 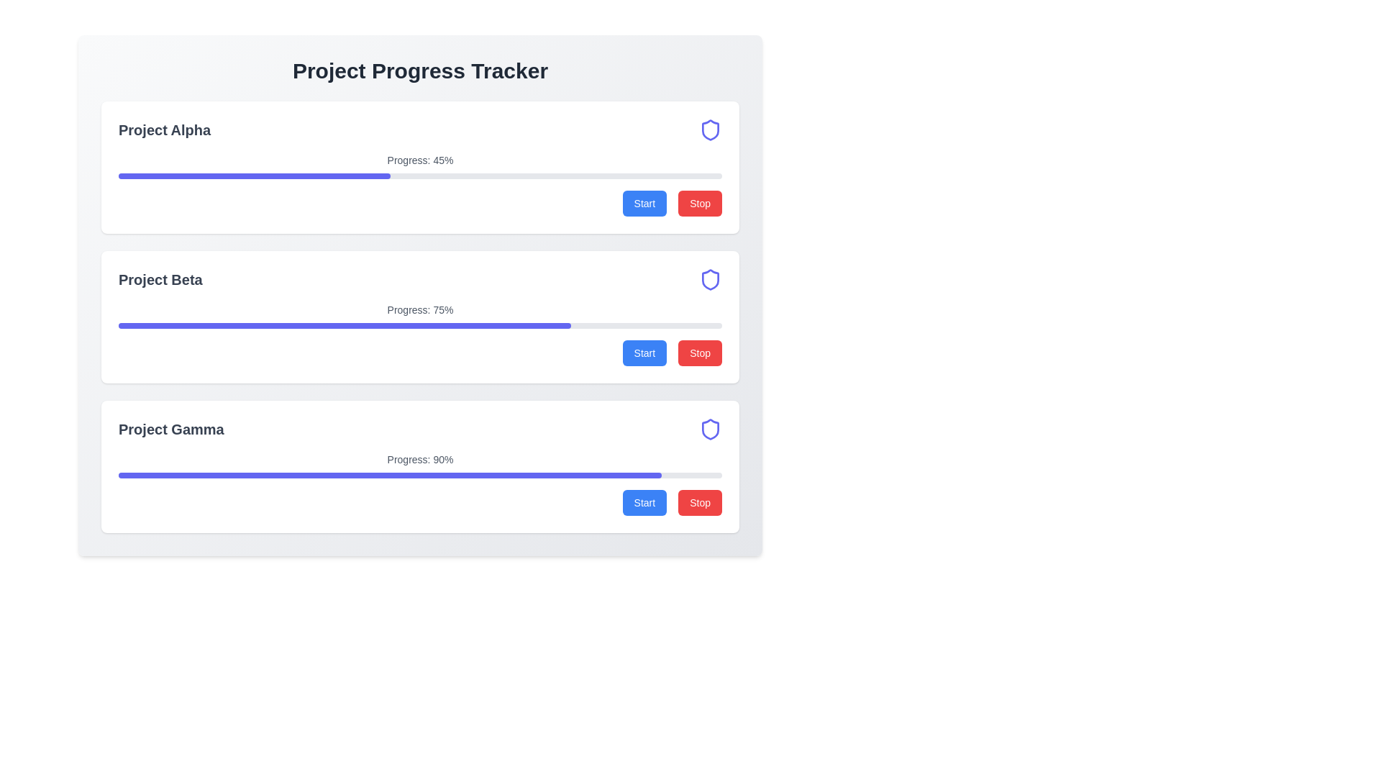 I want to click on the progress level of the 'Project Alpha' progress bar segment, which indicates 45% progress in the top progress display area, so click(x=254, y=176).